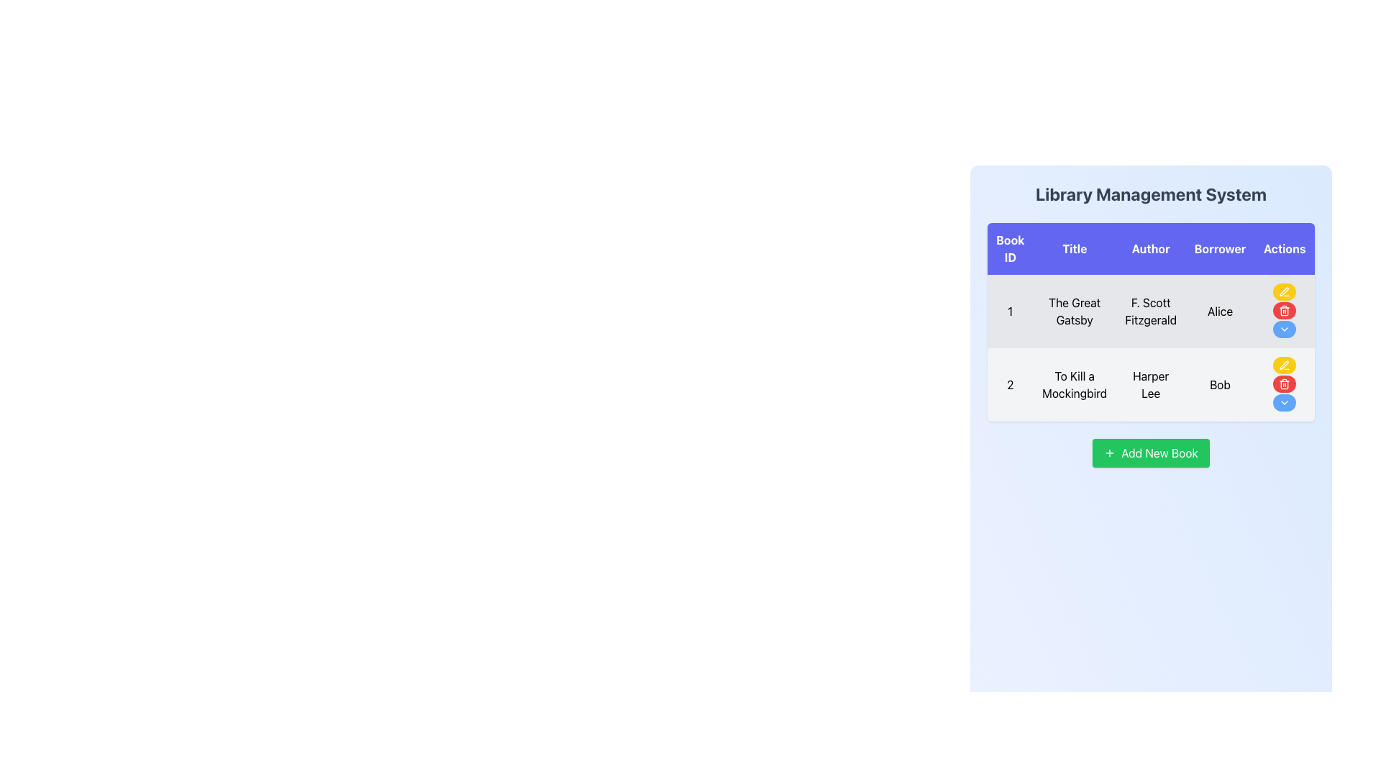 The width and height of the screenshot is (1381, 777). What do you see at coordinates (1149, 347) in the screenshot?
I see `the Table Row (Grid Row) containing structured data about books` at bounding box center [1149, 347].